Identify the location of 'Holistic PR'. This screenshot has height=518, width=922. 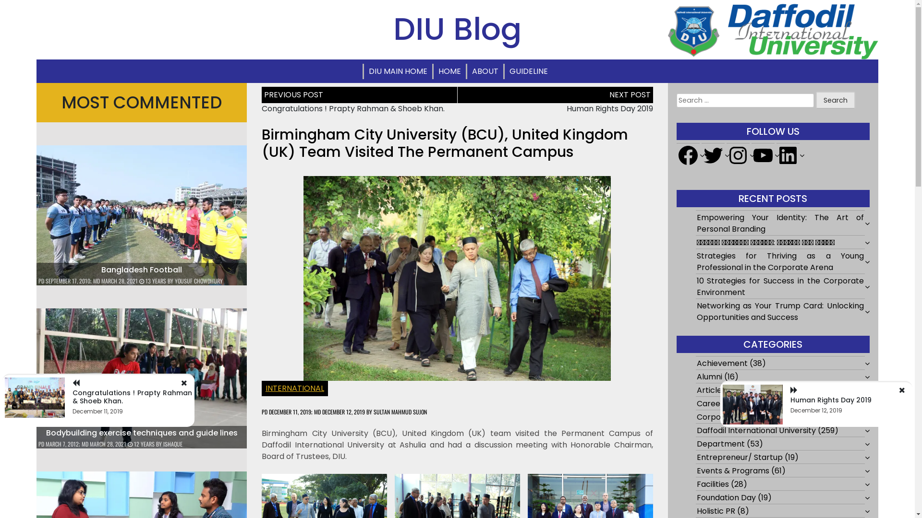
(716, 510).